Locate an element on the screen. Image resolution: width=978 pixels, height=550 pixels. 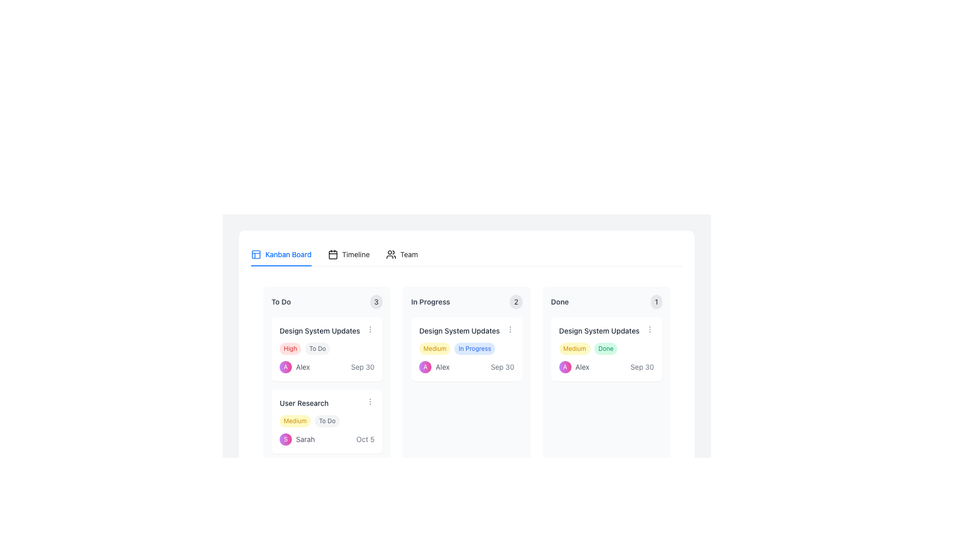
the first badge in the 'User Research' task card on the Kanban board is located at coordinates (294, 421).